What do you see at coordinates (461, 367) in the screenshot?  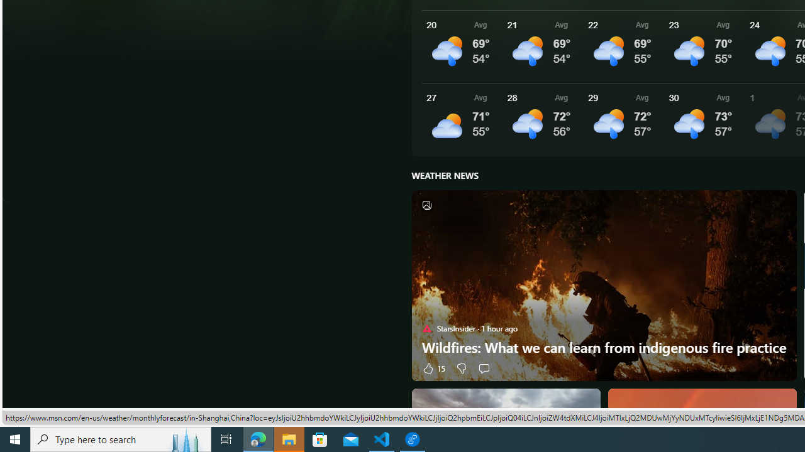 I see `'Dislike'` at bounding box center [461, 367].